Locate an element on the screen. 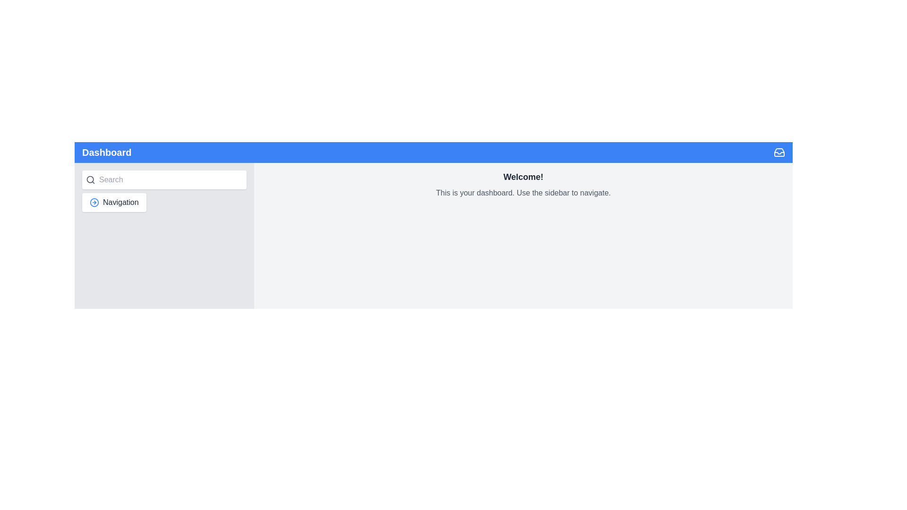 Image resolution: width=907 pixels, height=510 pixels. the rightward-pointing blue circular arrow icon located within the 'Navigation' block is located at coordinates (94, 202).